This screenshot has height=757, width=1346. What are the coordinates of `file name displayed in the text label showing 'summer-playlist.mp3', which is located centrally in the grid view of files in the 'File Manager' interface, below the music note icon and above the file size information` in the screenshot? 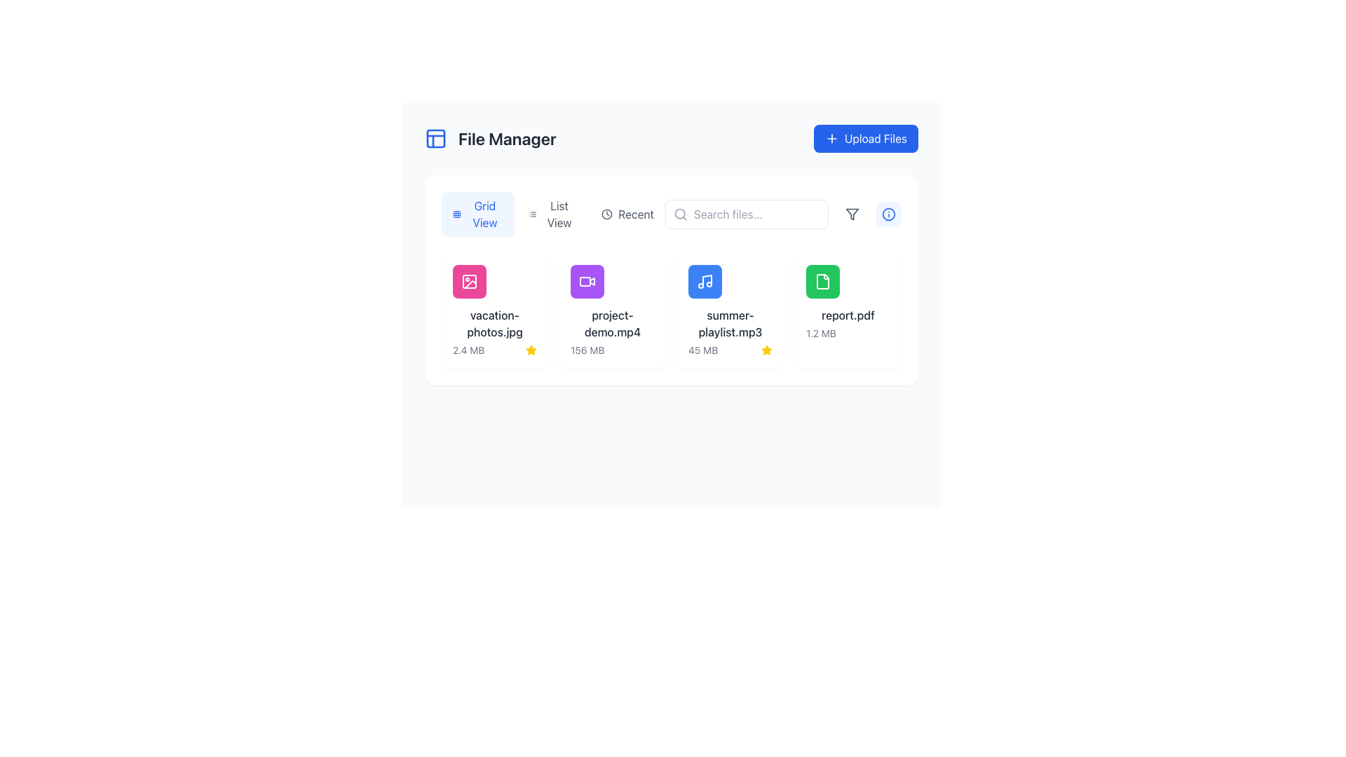 It's located at (729, 324).